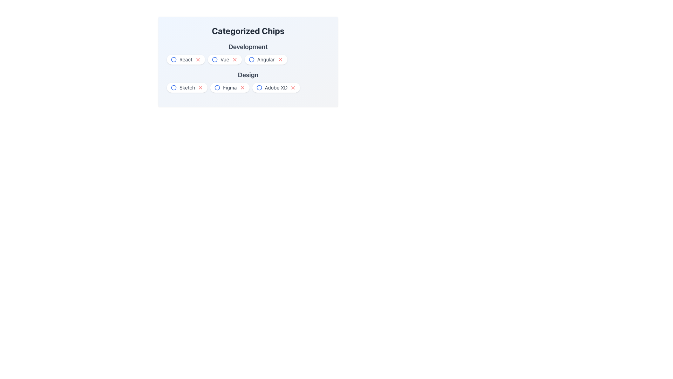 The image size is (673, 379). What do you see at coordinates (186, 59) in the screenshot?
I see `the 'React' text label in the list of categorized chips under the 'Development' category` at bounding box center [186, 59].